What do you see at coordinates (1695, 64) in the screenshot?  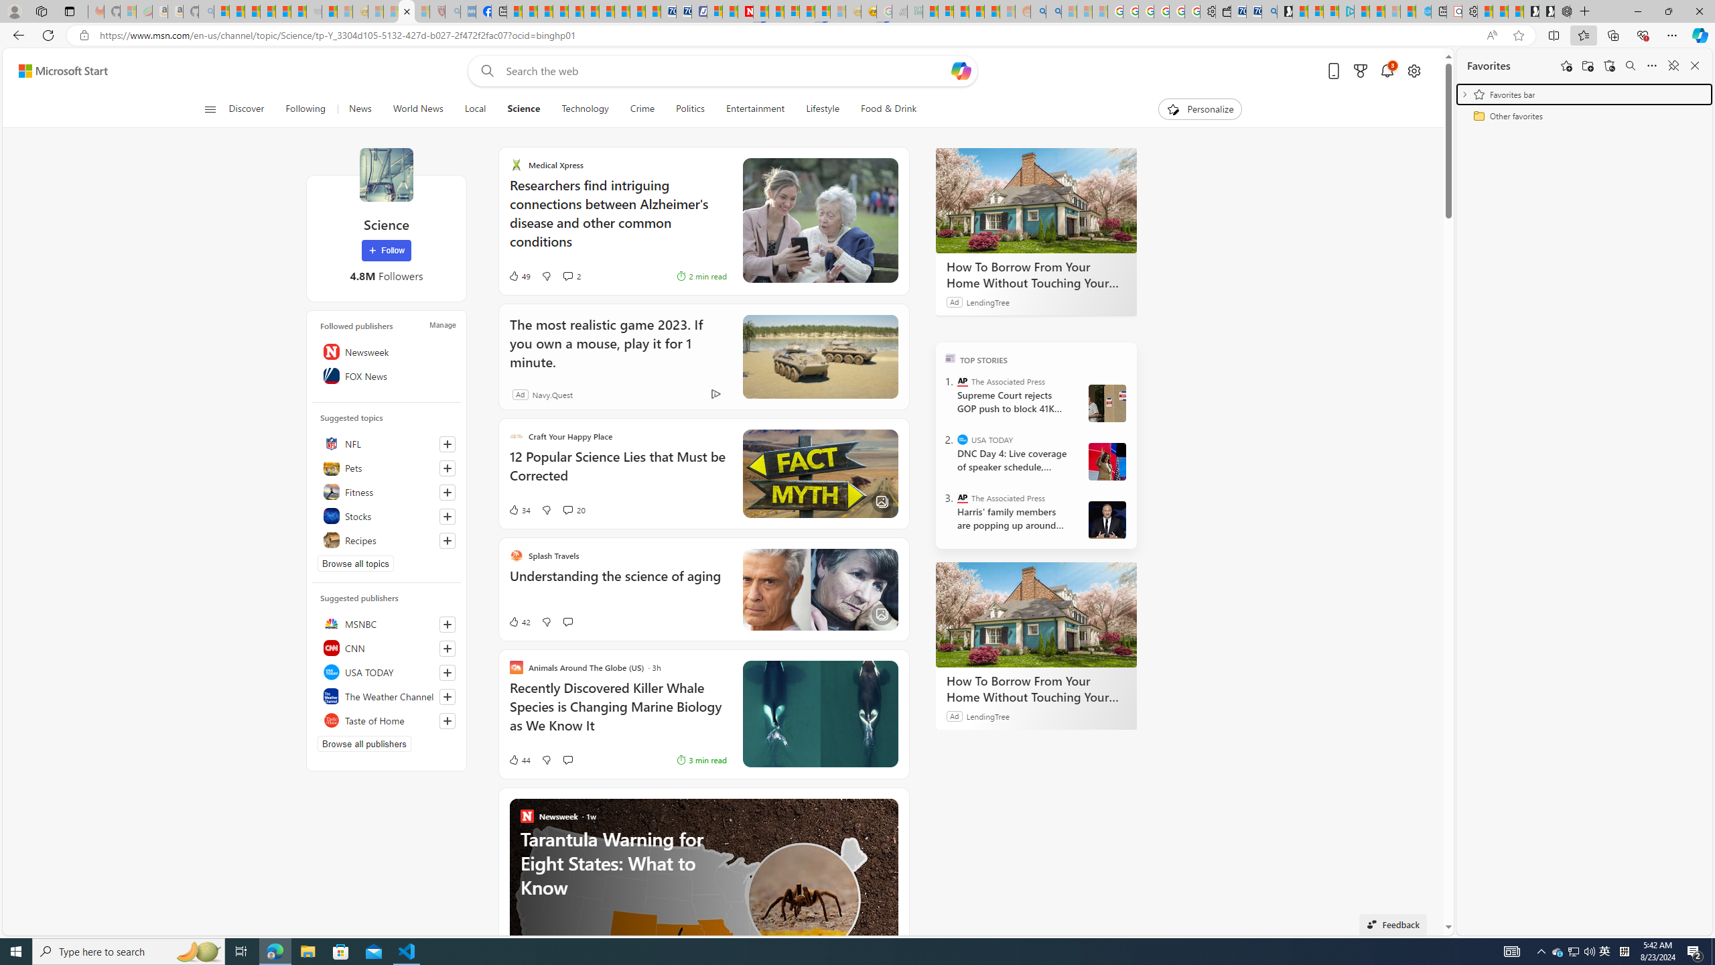 I see `'Close favorites'` at bounding box center [1695, 64].